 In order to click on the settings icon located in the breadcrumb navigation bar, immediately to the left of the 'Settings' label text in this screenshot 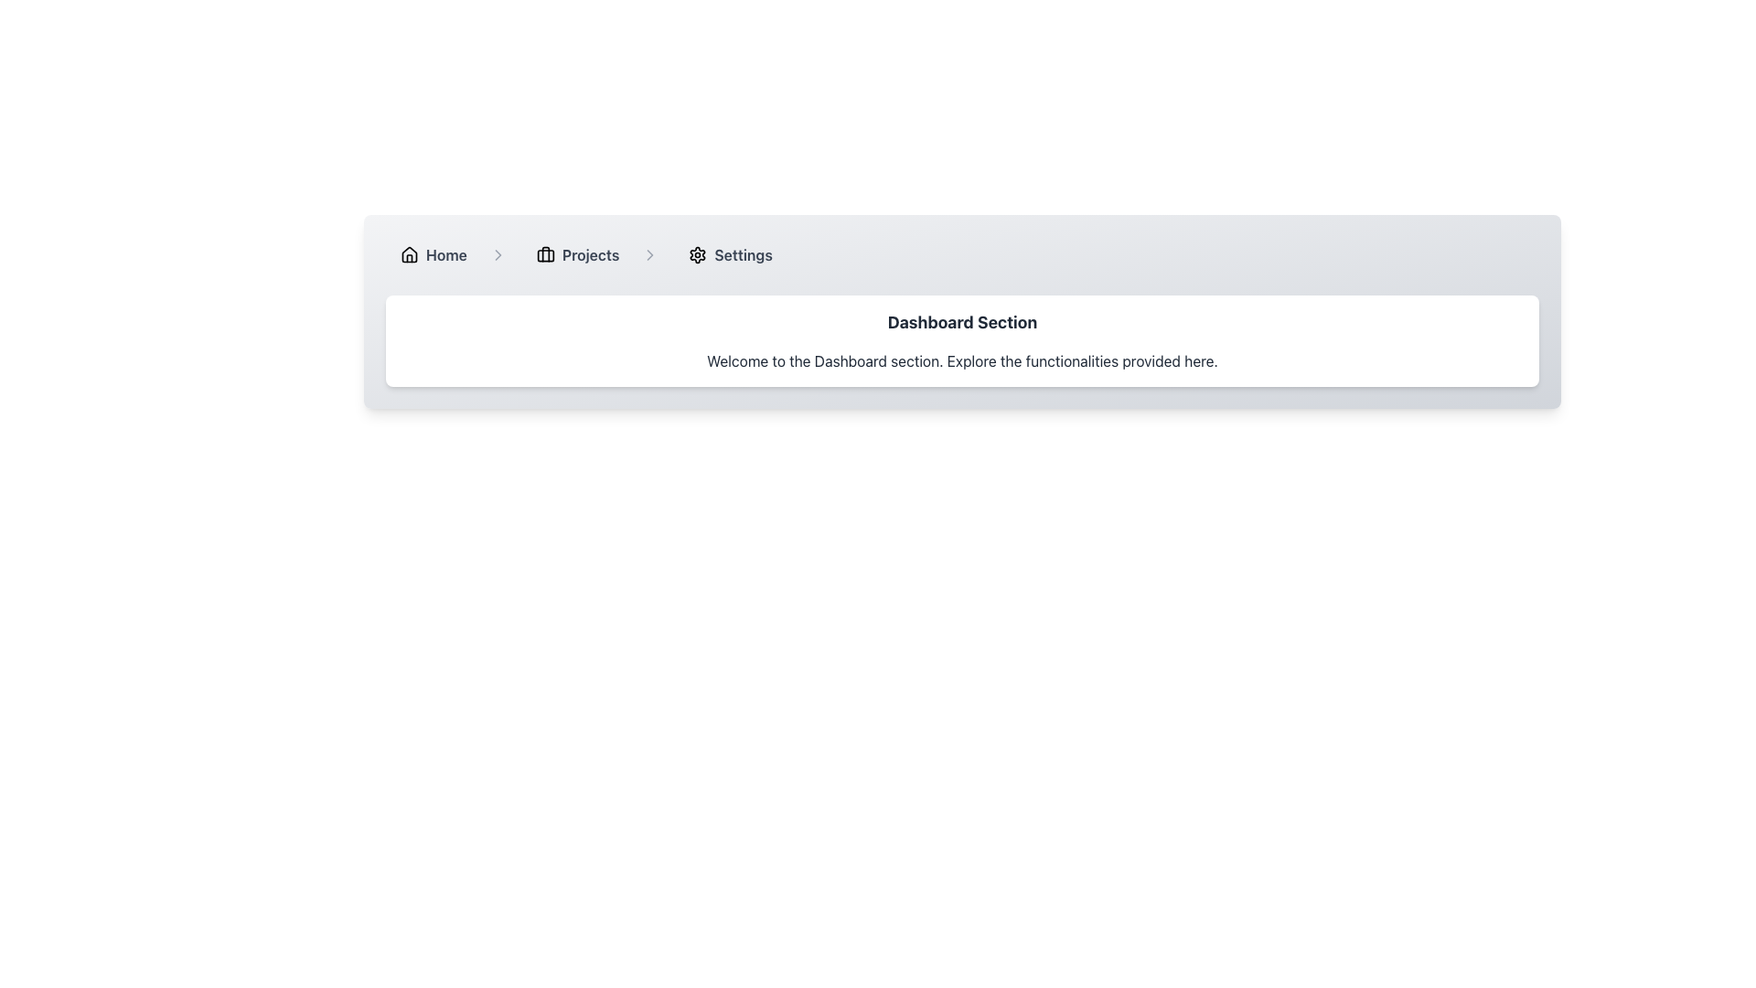, I will do `click(697, 254)`.